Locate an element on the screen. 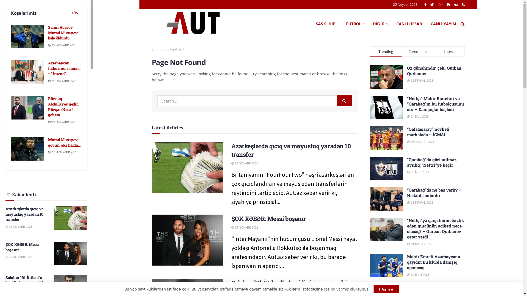  '25 NOYABR 2023' is located at coordinates (19, 257).